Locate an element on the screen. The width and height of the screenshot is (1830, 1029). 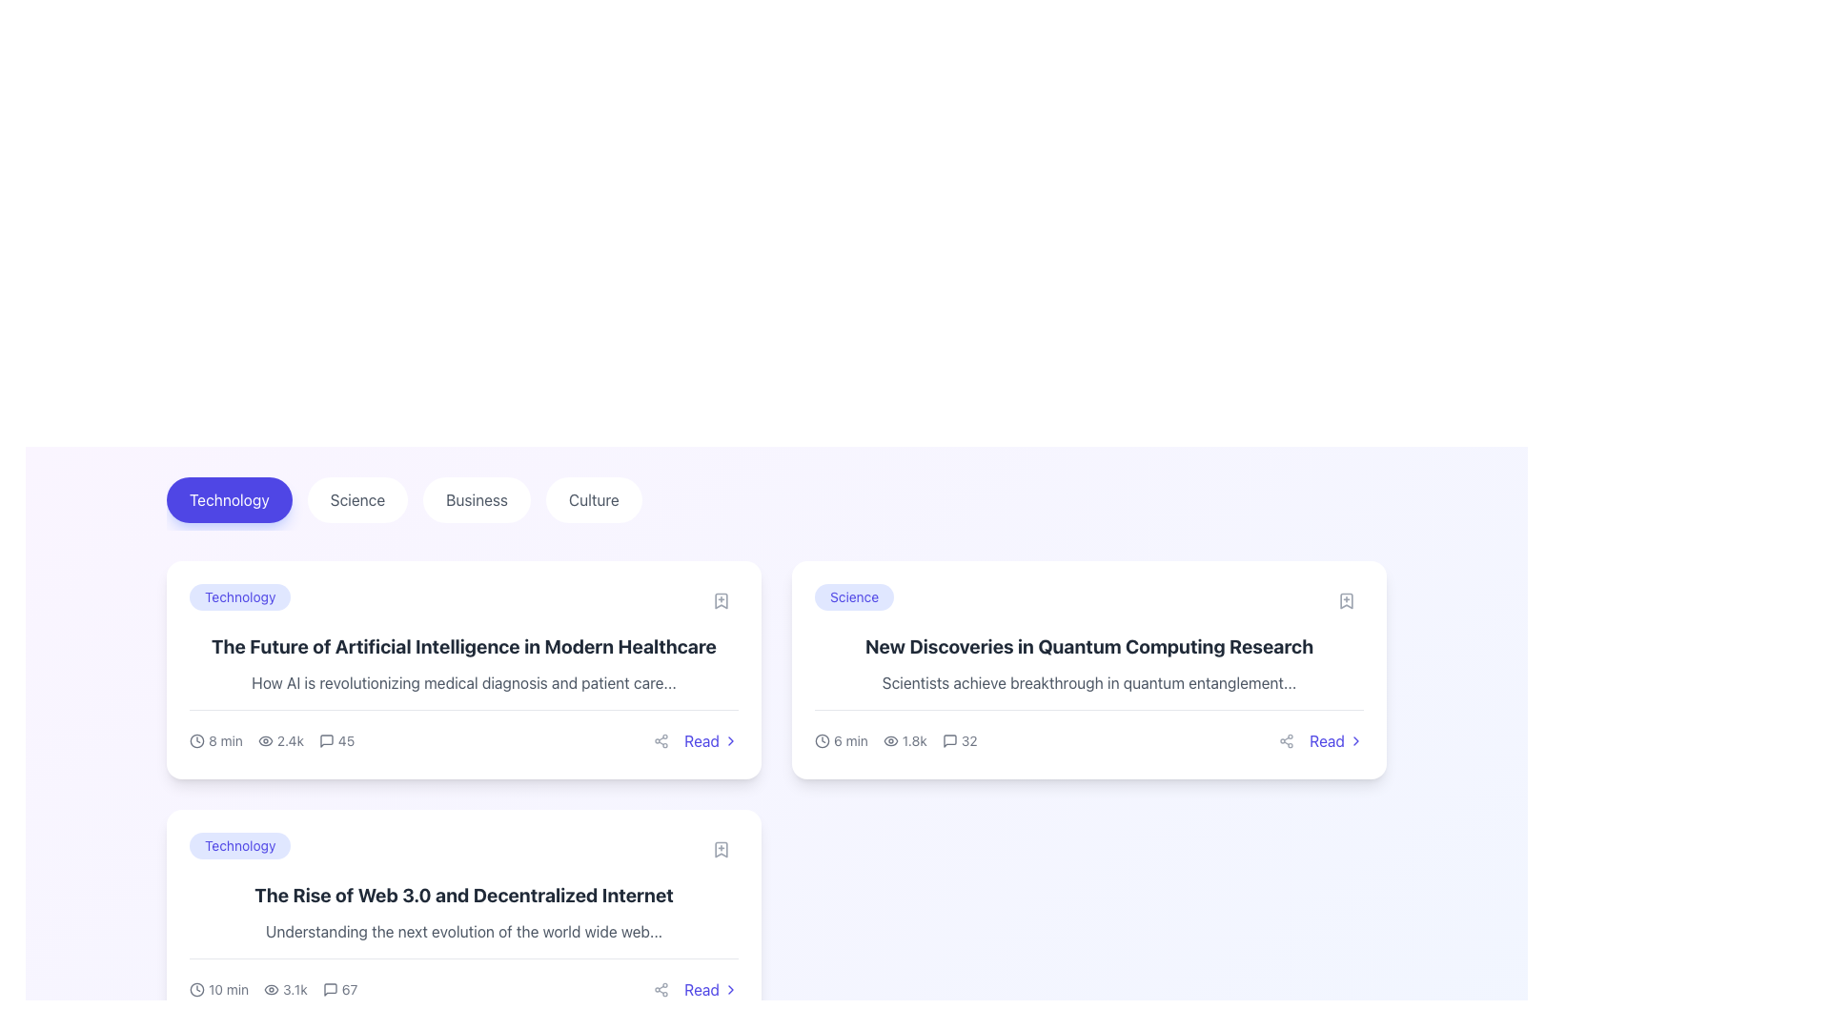
the heading text located in the second article card, positioned beneath the 'Technology' tag and above the subheading text is located at coordinates (463, 896).